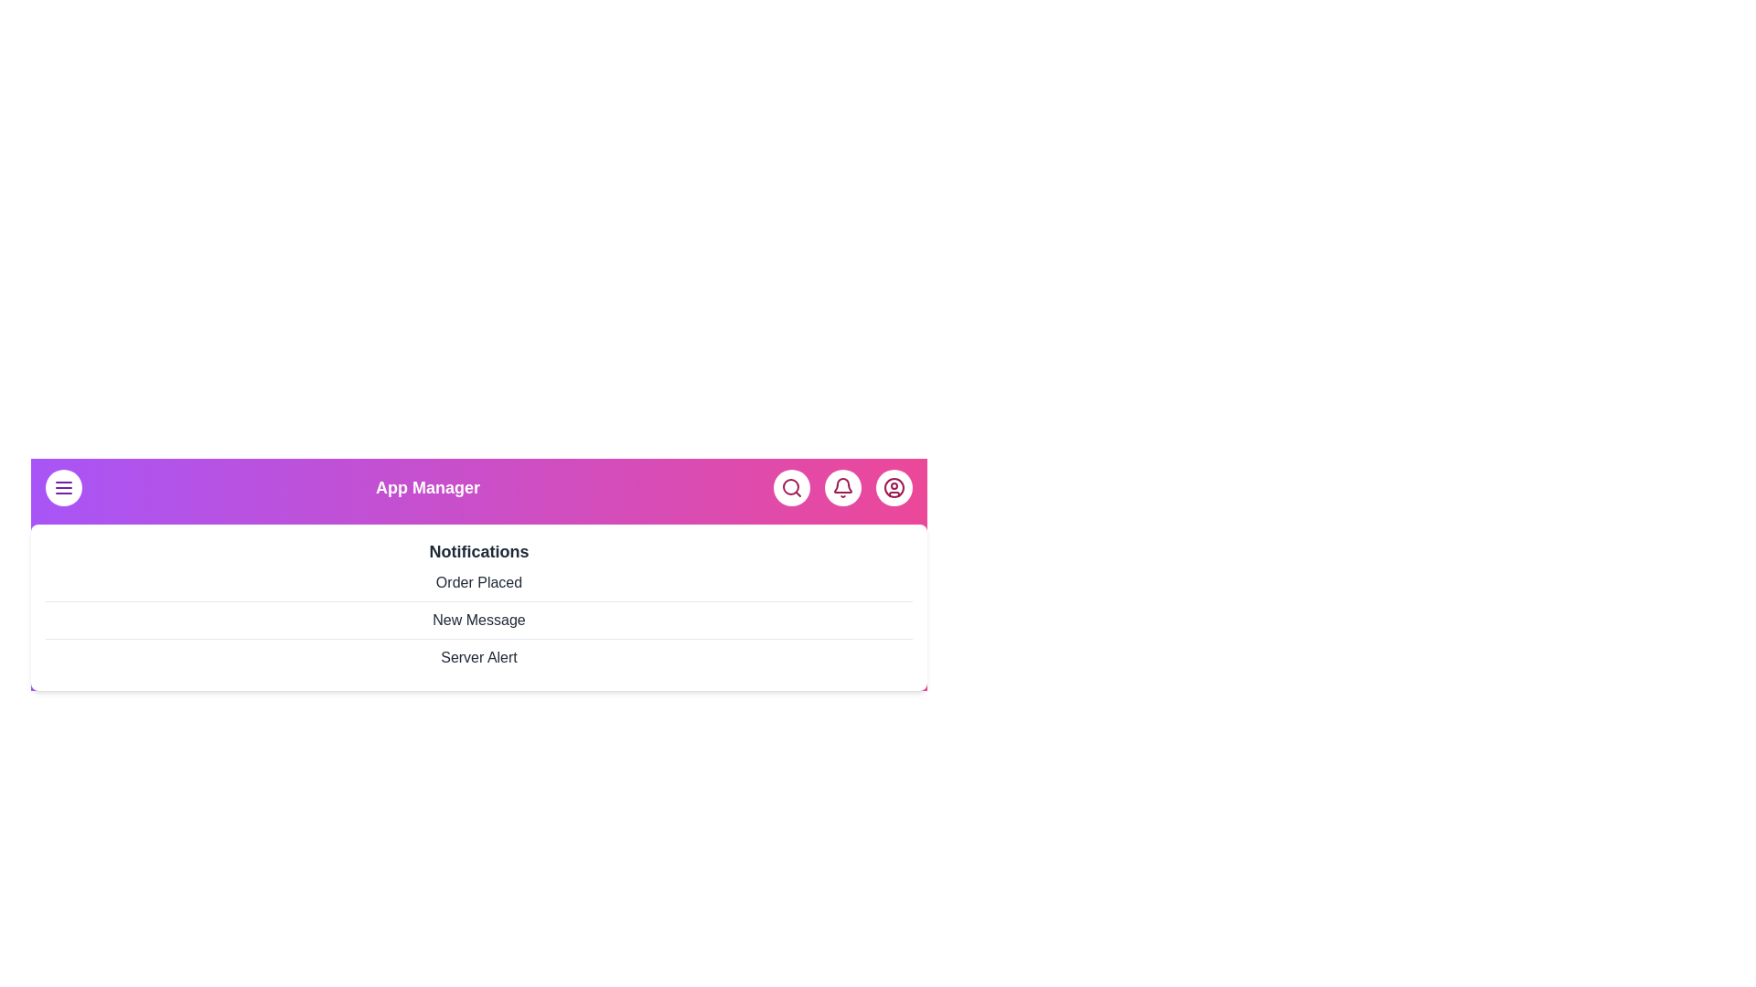 This screenshot has height=987, width=1756. I want to click on the notification item Server Alert from the list, so click(478, 658).